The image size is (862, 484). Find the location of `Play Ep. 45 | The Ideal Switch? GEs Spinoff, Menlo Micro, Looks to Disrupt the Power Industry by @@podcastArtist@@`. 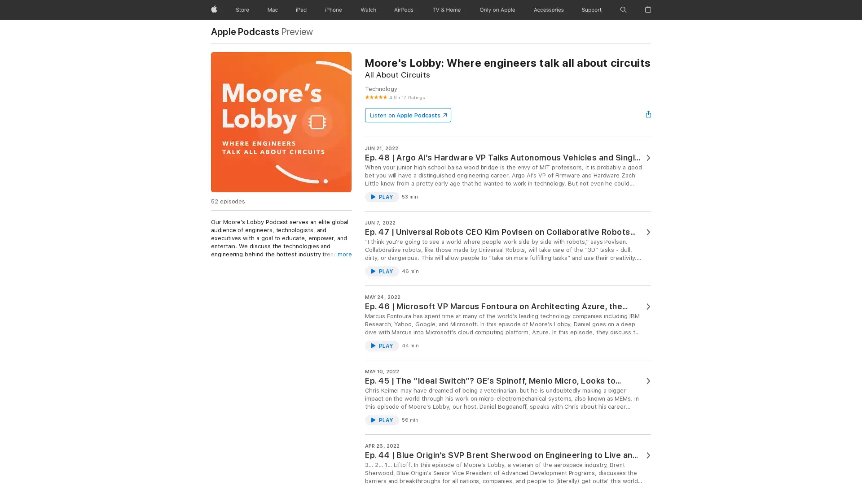

Play Ep. 45 | The Ideal Switch? GEs Spinoff, Menlo Micro, Looks to Disrupt the Power Industry by @@podcastArtist@@ is located at coordinates (382, 420).